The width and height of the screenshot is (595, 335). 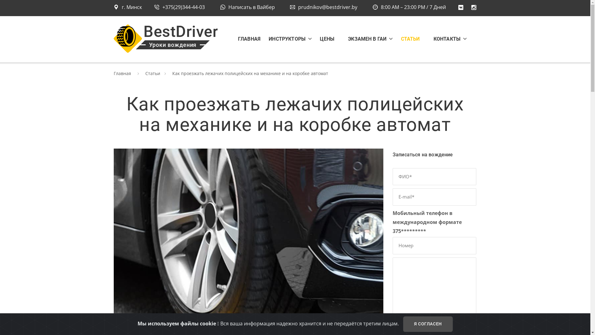 What do you see at coordinates (179, 7) in the screenshot?
I see `'+375(29)344-44-03'` at bounding box center [179, 7].